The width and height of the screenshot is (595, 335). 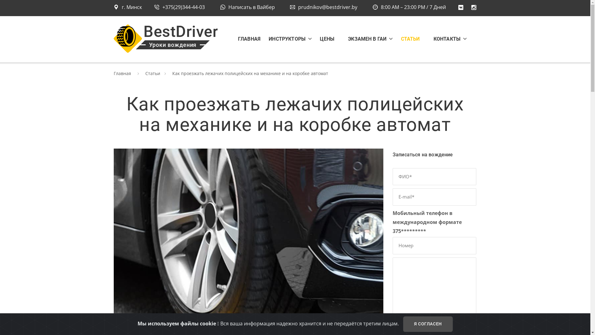 What do you see at coordinates (179, 7) in the screenshot?
I see `'+375(29)344-44-03'` at bounding box center [179, 7].